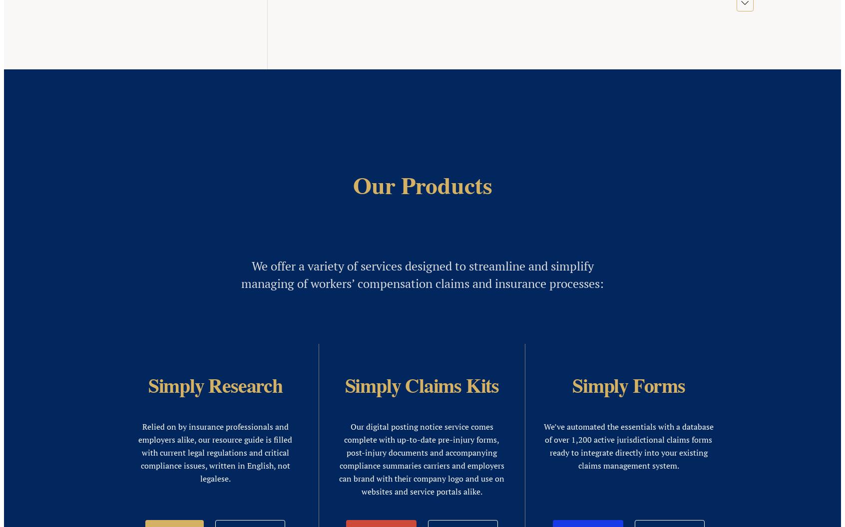  What do you see at coordinates (222, 226) in the screenshot?
I see `'Simply Research'` at bounding box center [222, 226].